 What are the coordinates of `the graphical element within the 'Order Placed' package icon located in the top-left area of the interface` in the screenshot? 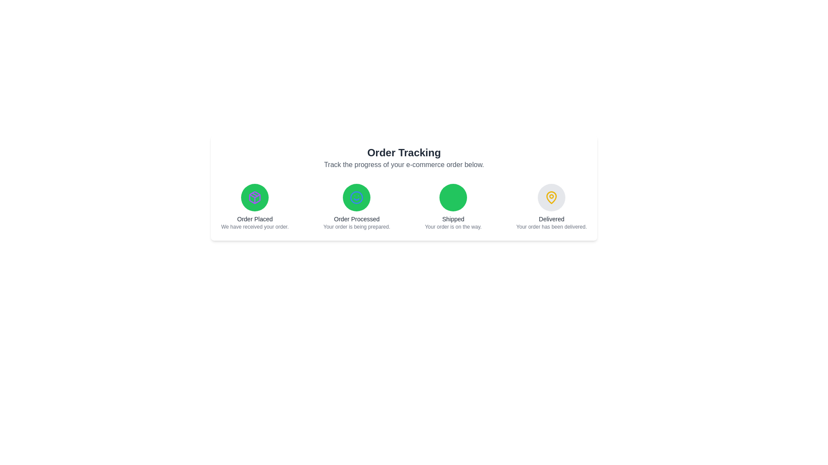 It's located at (254, 196).